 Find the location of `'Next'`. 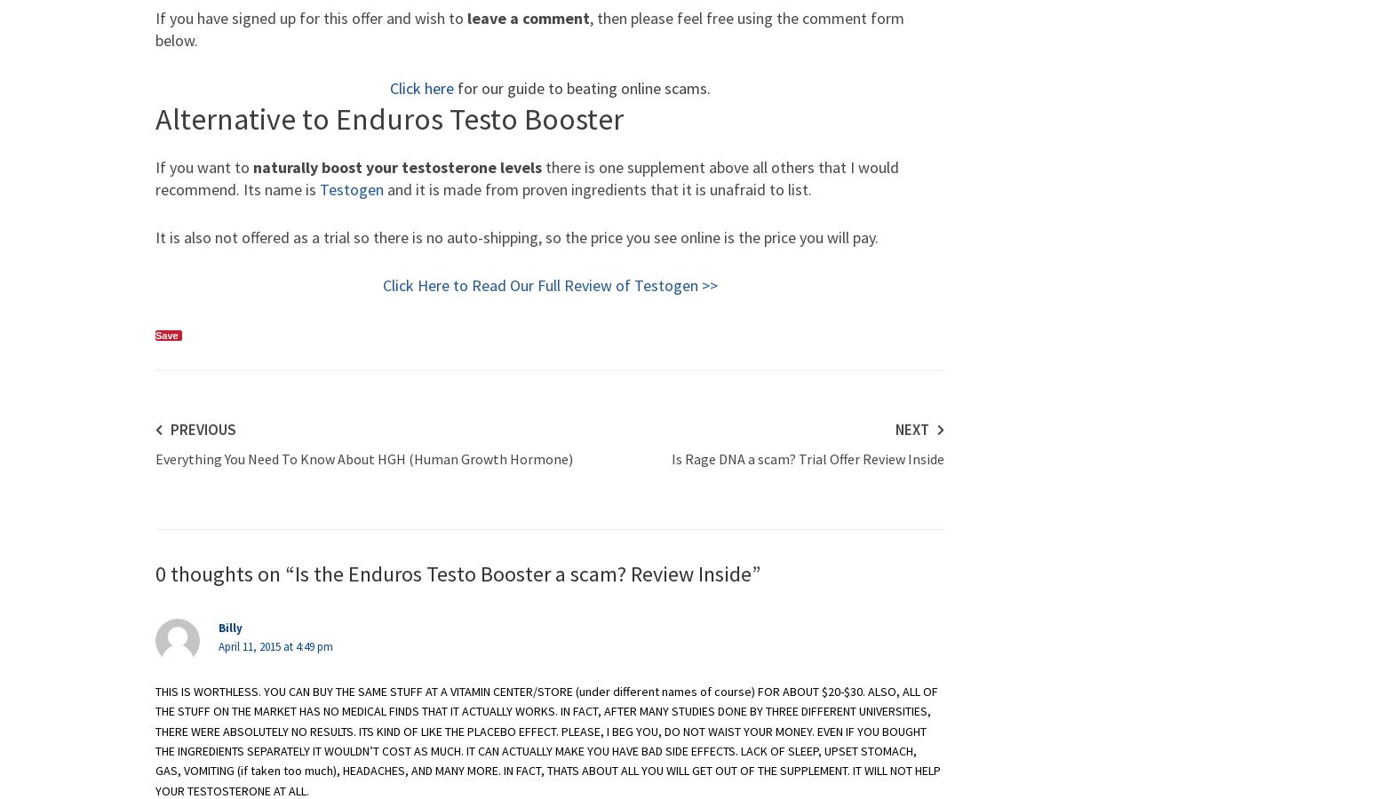

'Next' is located at coordinates (894, 428).